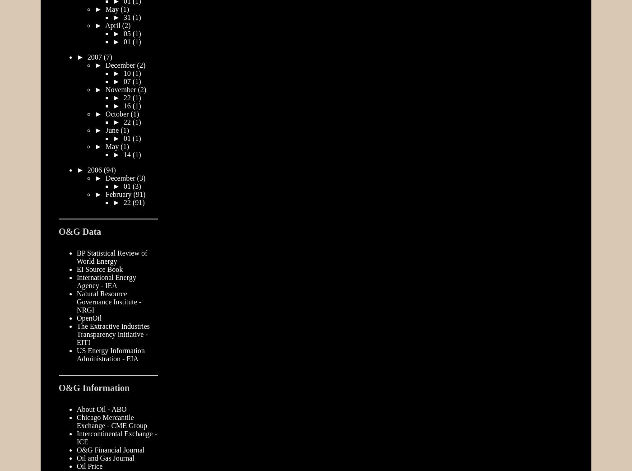 This screenshot has width=632, height=471. Describe the element at coordinates (113, 24) in the screenshot. I see `'April'` at that location.